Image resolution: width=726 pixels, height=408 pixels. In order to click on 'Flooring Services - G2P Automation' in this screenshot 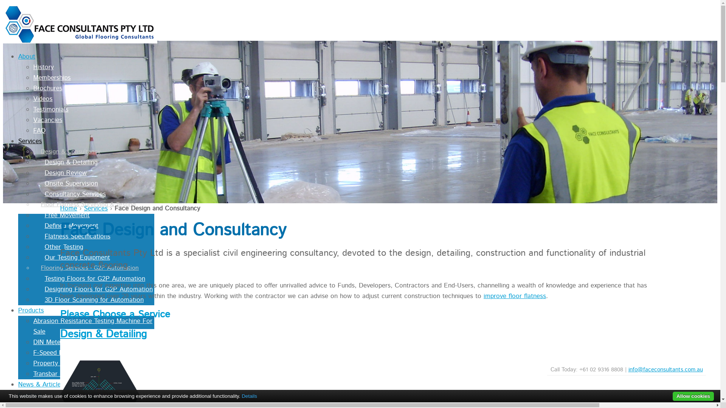, I will do `click(86, 267)`.